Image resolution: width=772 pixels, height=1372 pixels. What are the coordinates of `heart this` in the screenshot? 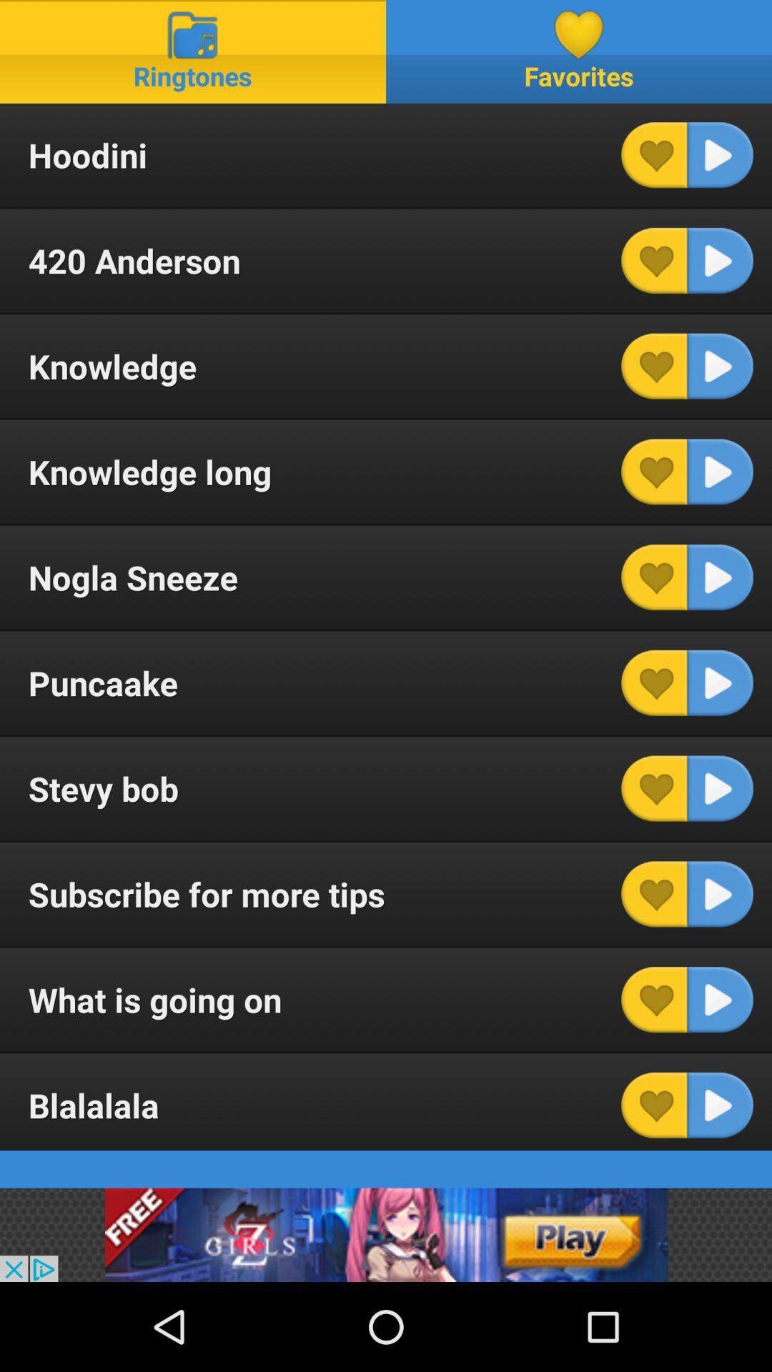 It's located at (654, 366).